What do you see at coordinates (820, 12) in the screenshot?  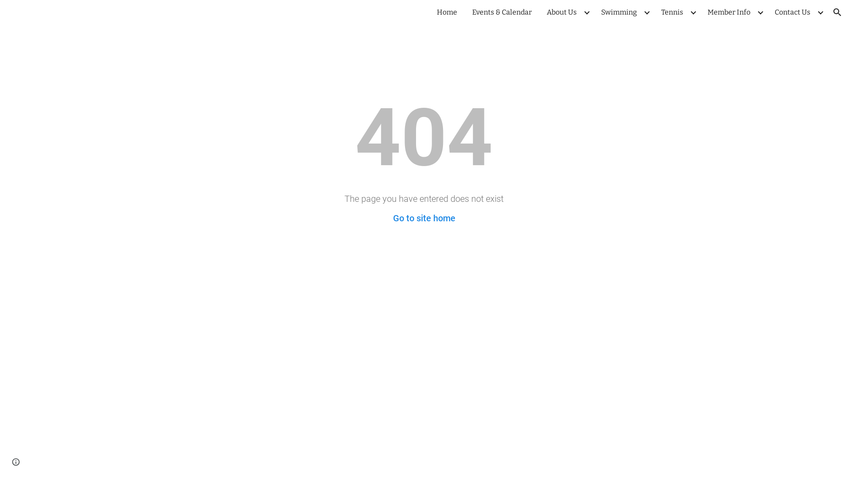 I see `'Expand/Collapse'` at bounding box center [820, 12].